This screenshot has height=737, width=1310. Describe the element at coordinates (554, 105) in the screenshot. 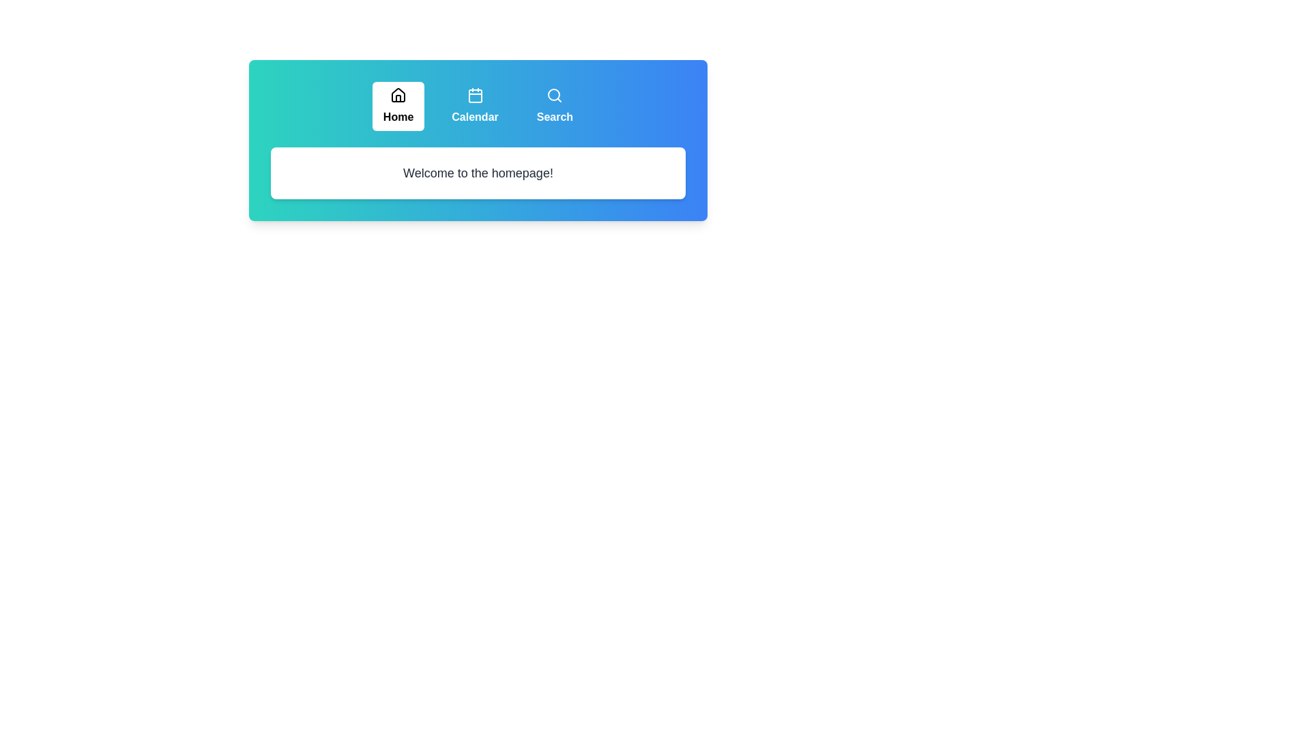

I see `the Search tab to display its content` at that location.